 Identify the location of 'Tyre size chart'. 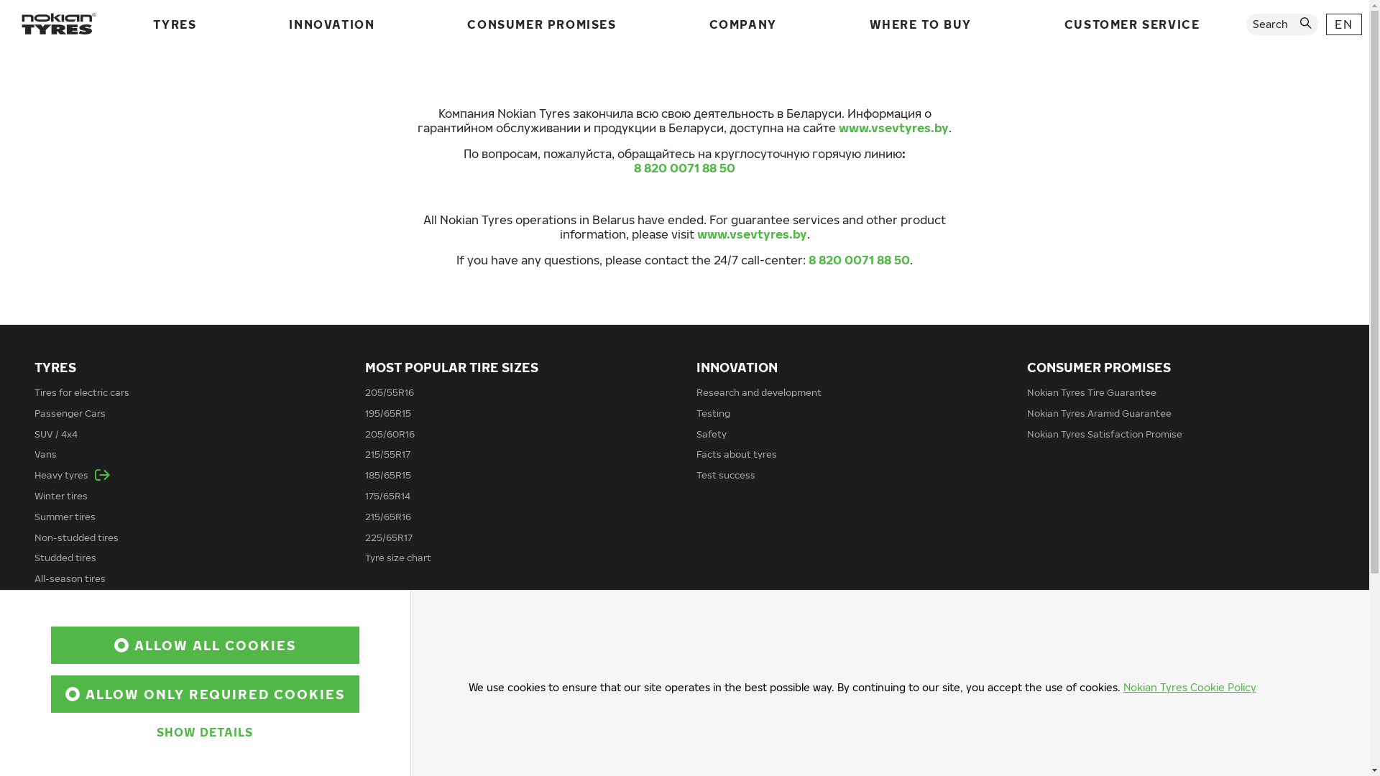
(397, 556).